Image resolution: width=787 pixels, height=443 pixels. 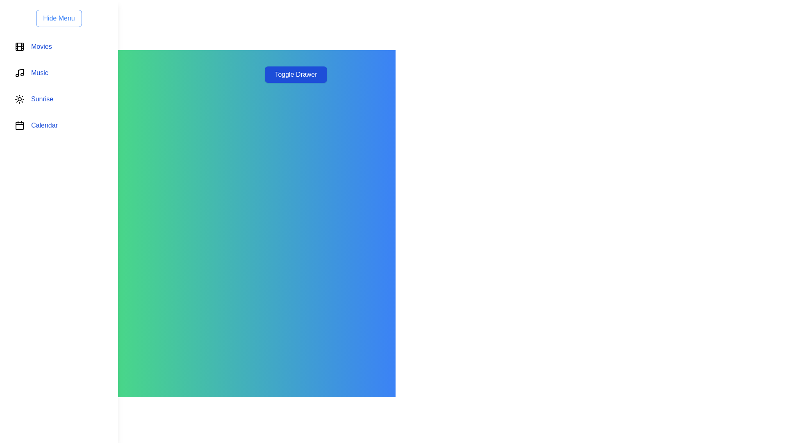 What do you see at coordinates (295, 74) in the screenshot?
I see `'Toggle Drawer' button to toggle the visibility of the drawer` at bounding box center [295, 74].